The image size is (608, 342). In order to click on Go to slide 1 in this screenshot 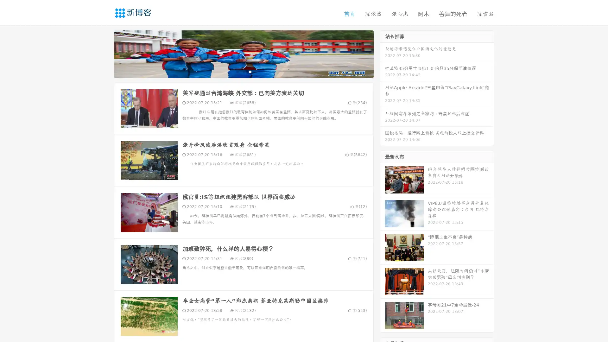, I will do `click(237, 71)`.